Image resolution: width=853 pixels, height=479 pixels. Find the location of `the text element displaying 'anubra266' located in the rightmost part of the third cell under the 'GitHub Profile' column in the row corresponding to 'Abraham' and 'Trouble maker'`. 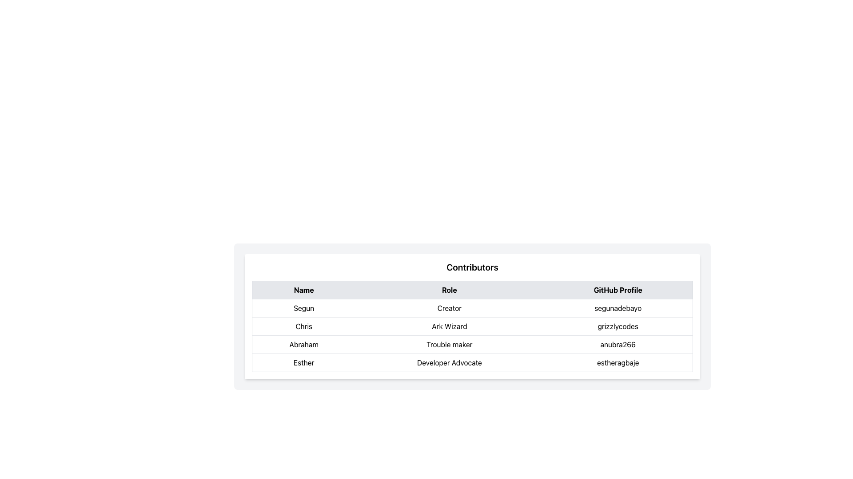

the text element displaying 'anubra266' located in the rightmost part of the third cell under the 'GitHub Profile' column in the row corresponding to 'Abraham' and 'Trouble maker' is located at coordinates (618, 344).